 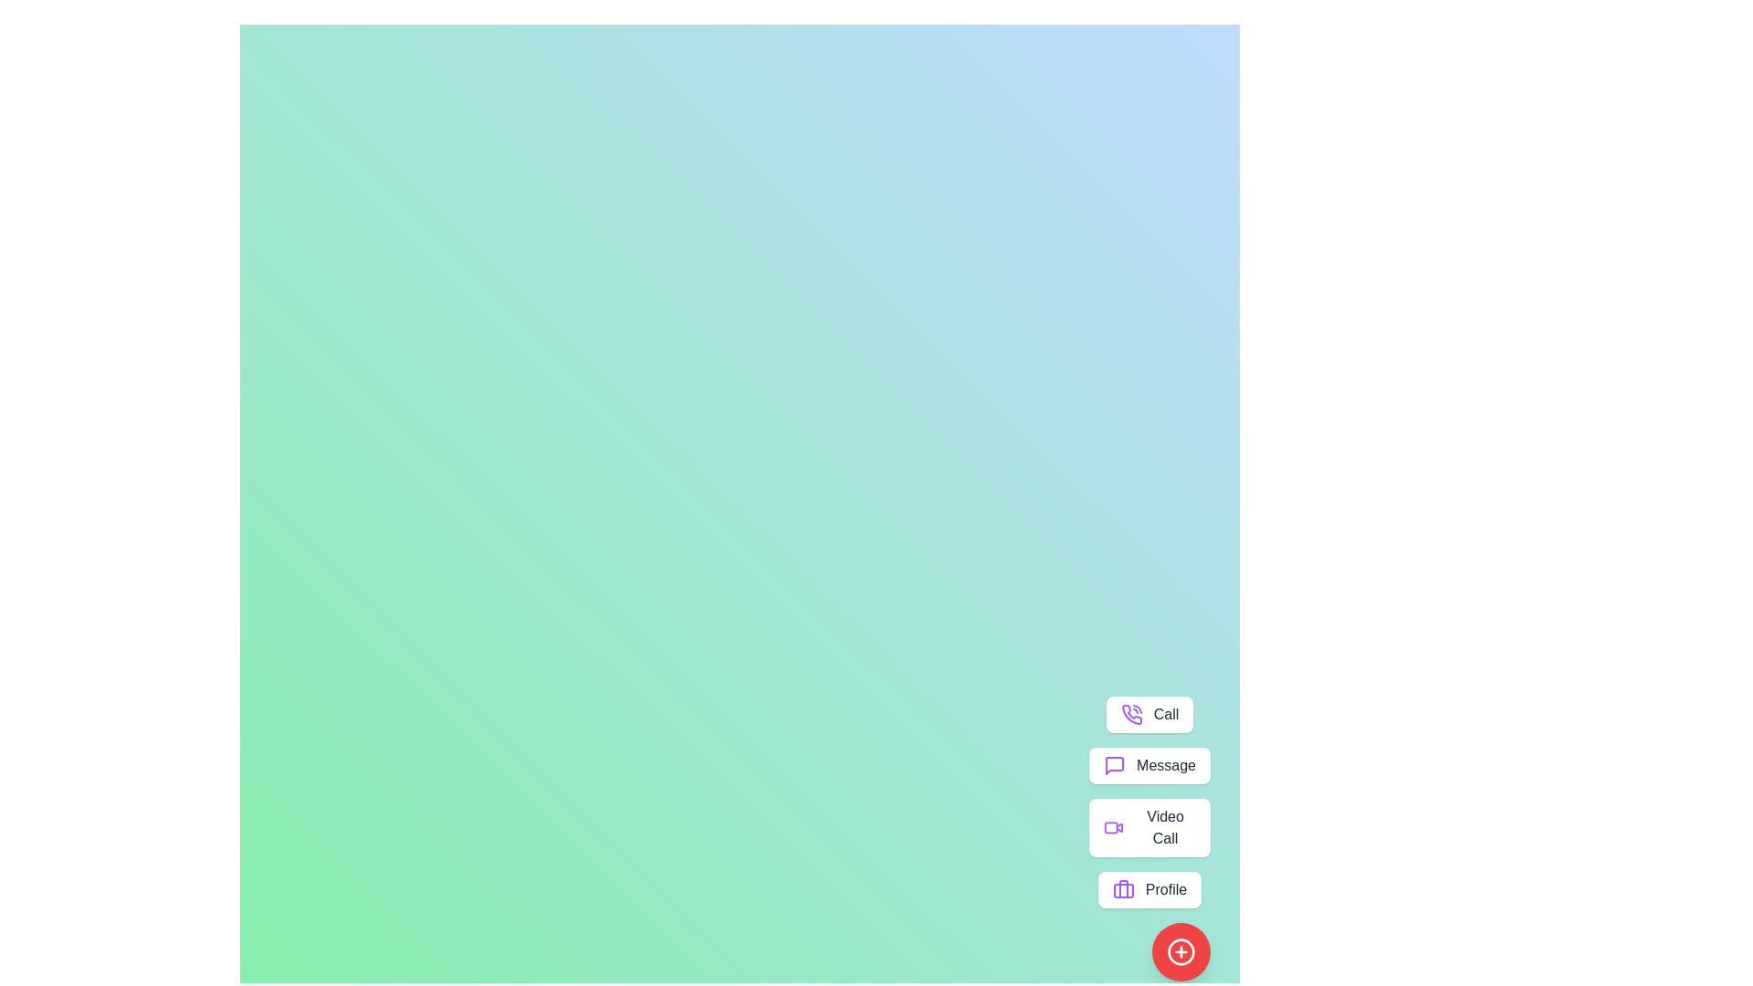 What do you see at coordinates (1148, 766) in the screenshot?
I see `the 'Message' button to select the option` at bounding box center [1148, 766].